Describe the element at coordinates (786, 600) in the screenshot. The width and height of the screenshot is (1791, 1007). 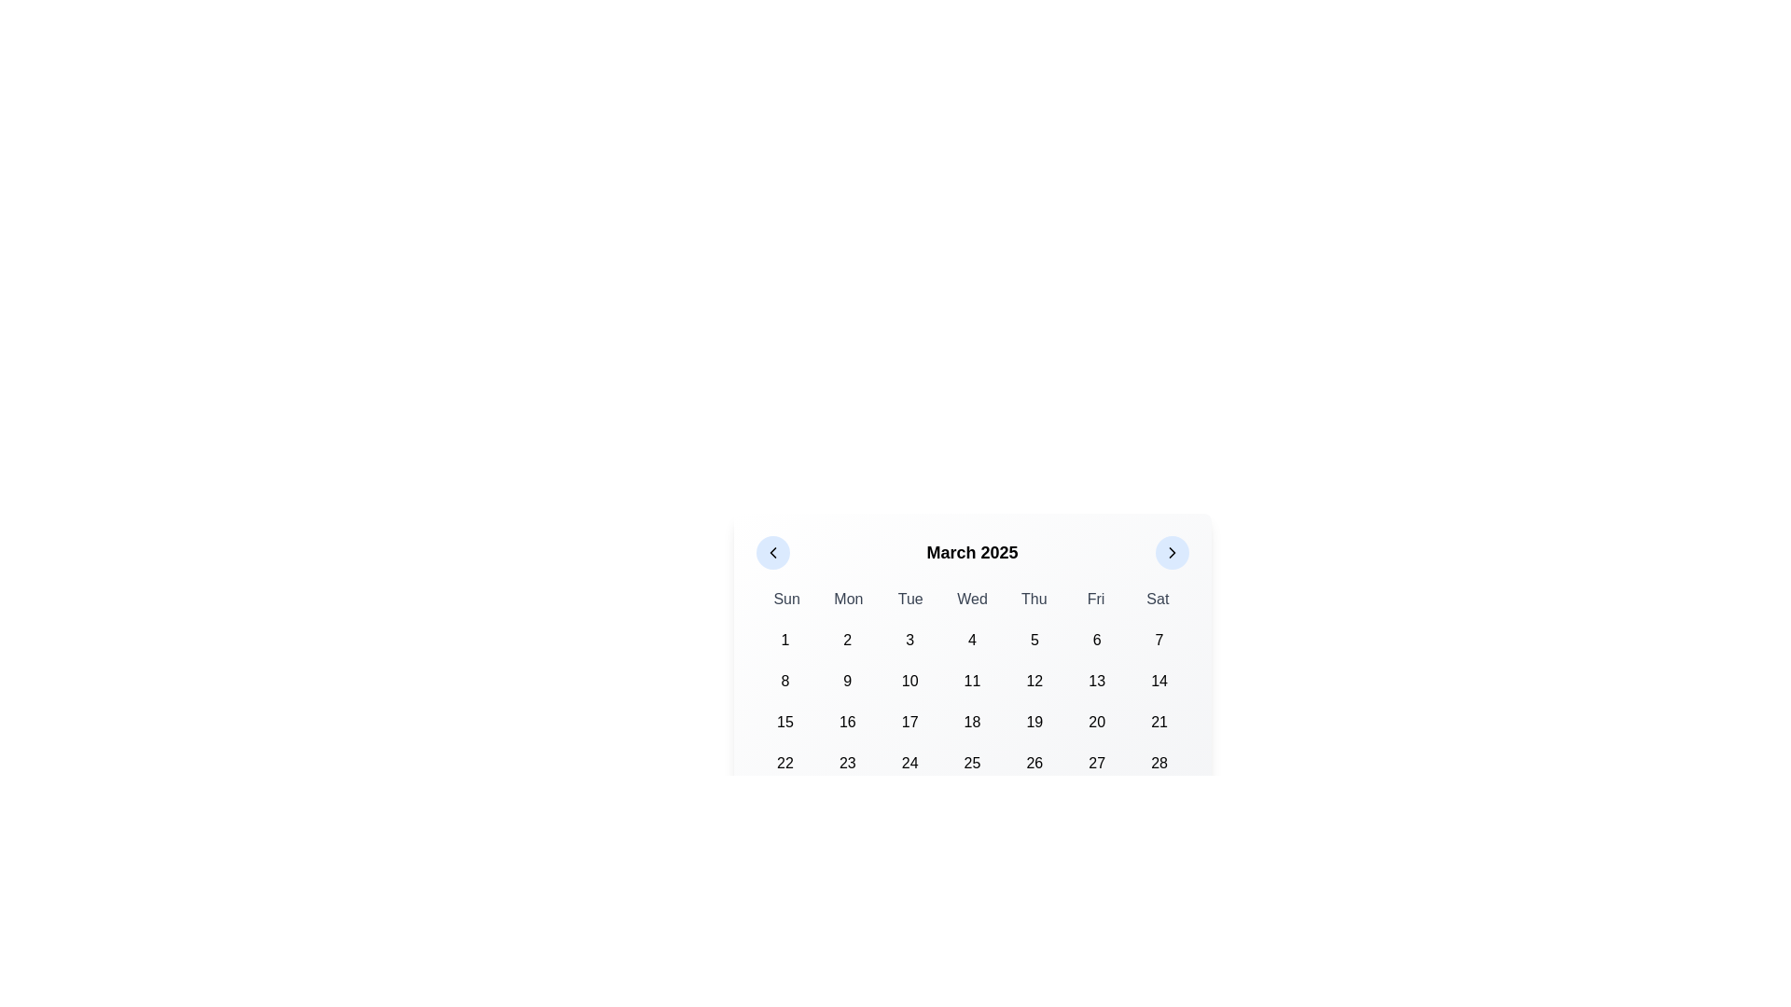
I see `the static text label displaying 'Sun' in a bold, medium gray font, which is the first item in the grid of weekday names at the top of the calendar interface` at that location.